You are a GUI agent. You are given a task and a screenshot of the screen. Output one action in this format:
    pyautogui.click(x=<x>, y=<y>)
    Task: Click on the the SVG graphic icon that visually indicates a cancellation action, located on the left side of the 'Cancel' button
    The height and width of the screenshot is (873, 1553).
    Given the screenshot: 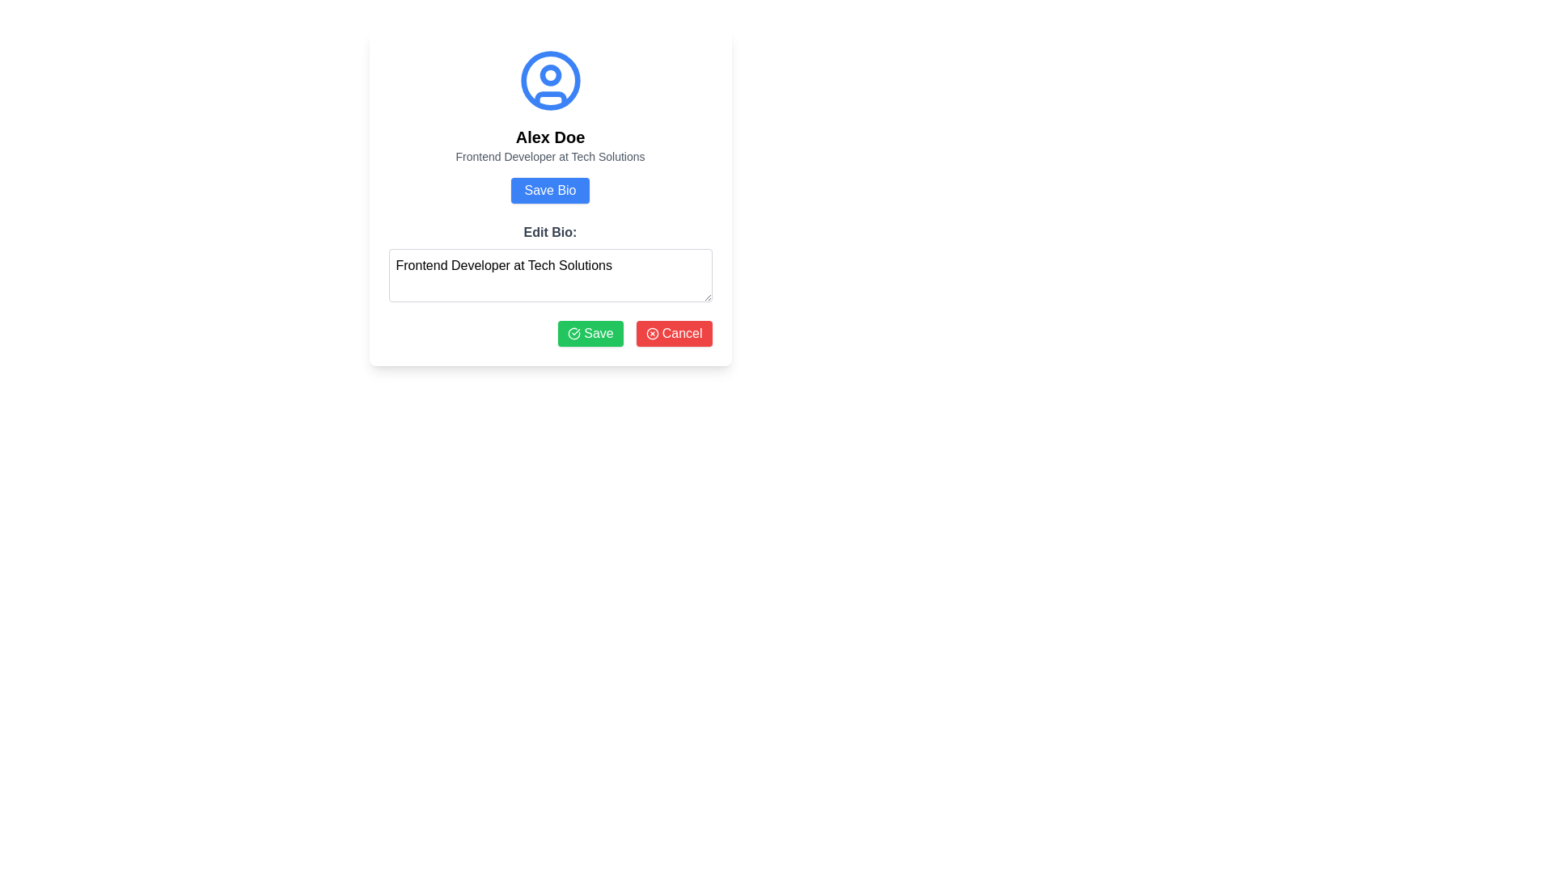 What is the action you would take?
    pyautogui.click(x=652, y=332)
    